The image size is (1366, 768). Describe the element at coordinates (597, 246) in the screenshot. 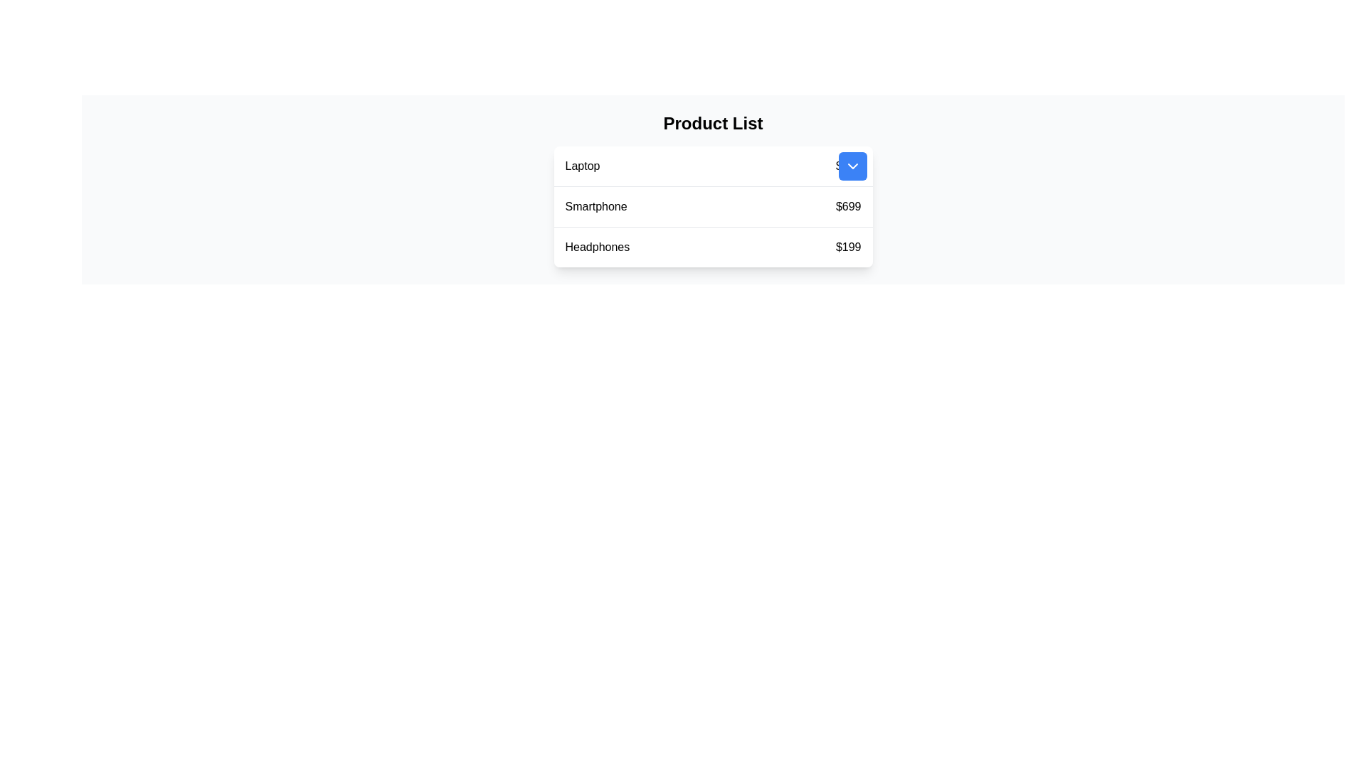

I see `text label displaying 'Headphones' located in the third row of the product list, adjacent to the price '$199'` at that location.